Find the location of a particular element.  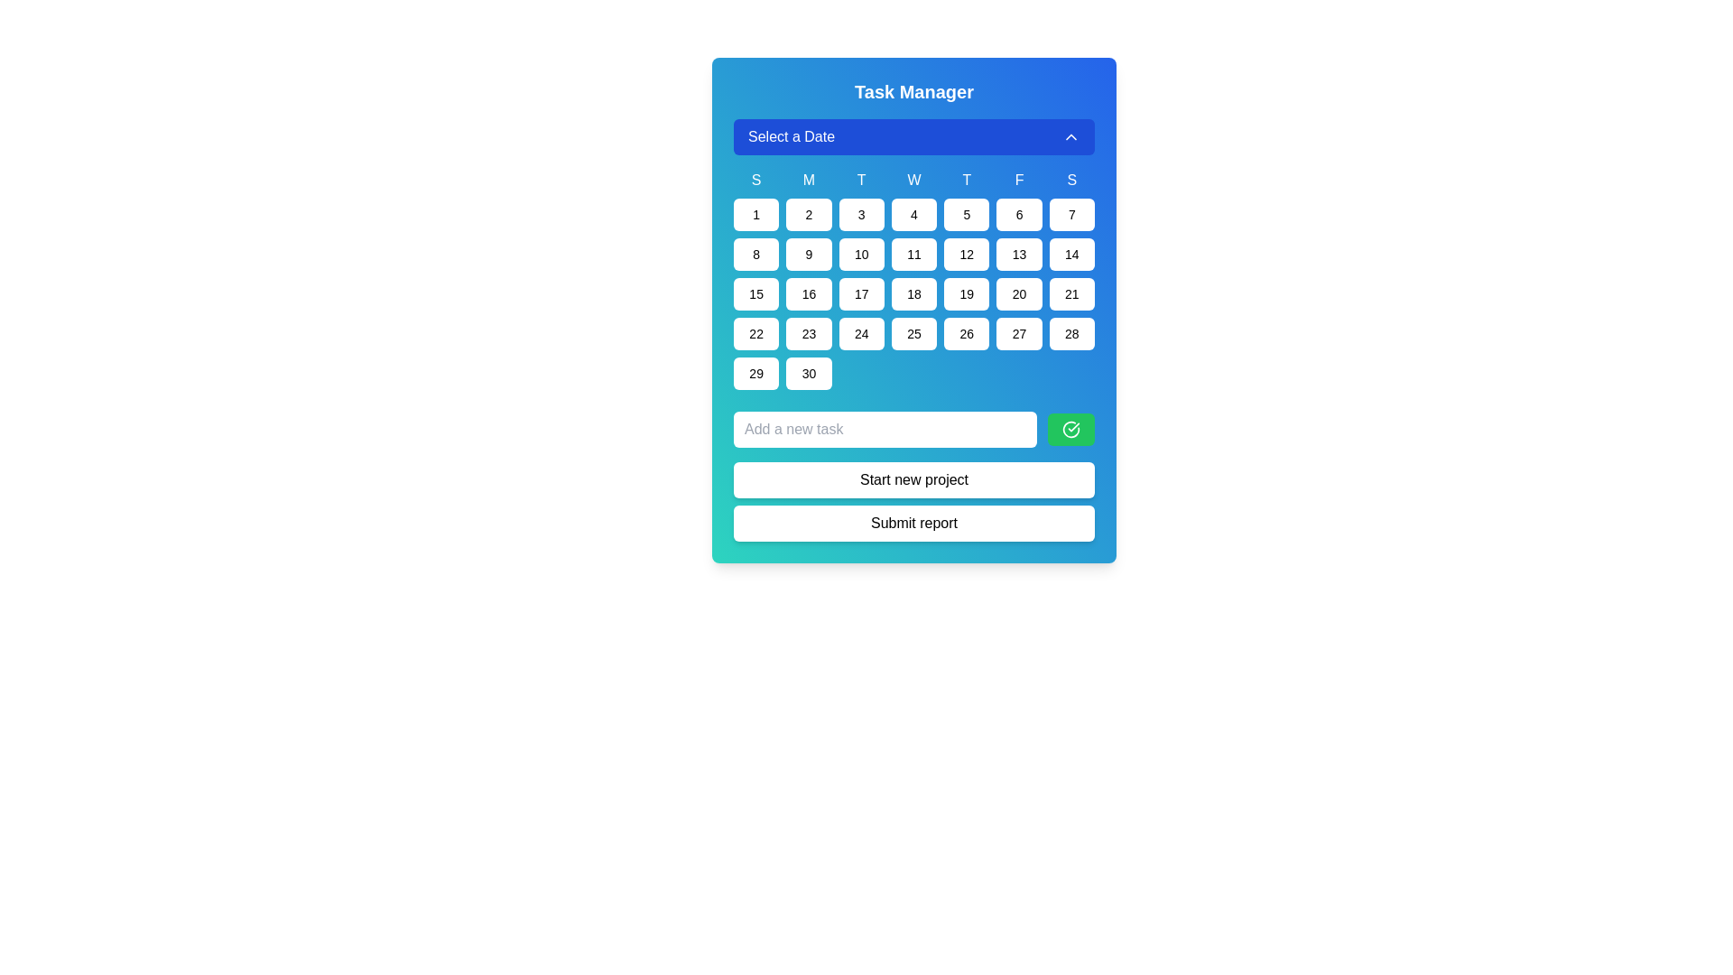

the Text Label indicating 'Tuesday' in the calendar view, positioned as the third element in the row between 'M' and 'W' is located at coordinates (860, 181).